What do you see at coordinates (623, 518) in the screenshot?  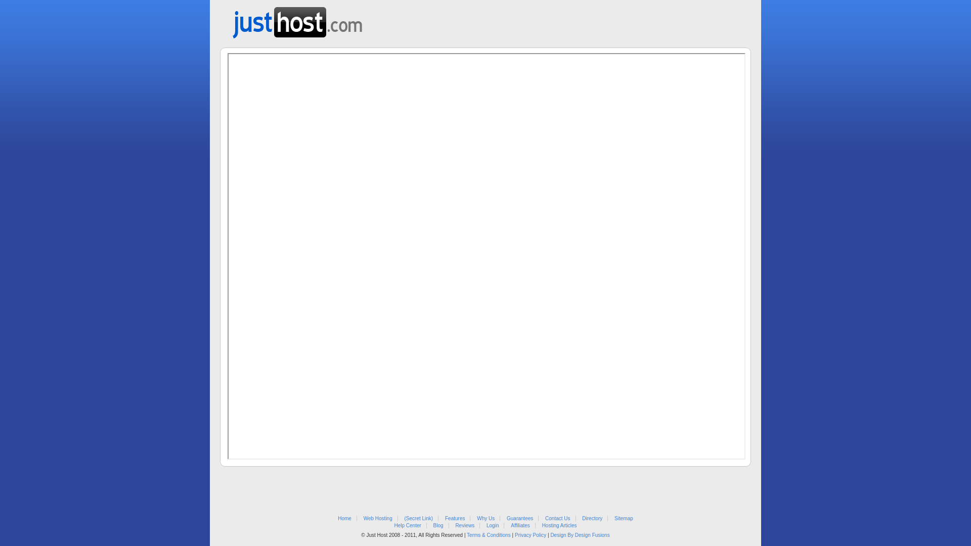 I see `'Sitemap'` at bounding box center [623, 518].